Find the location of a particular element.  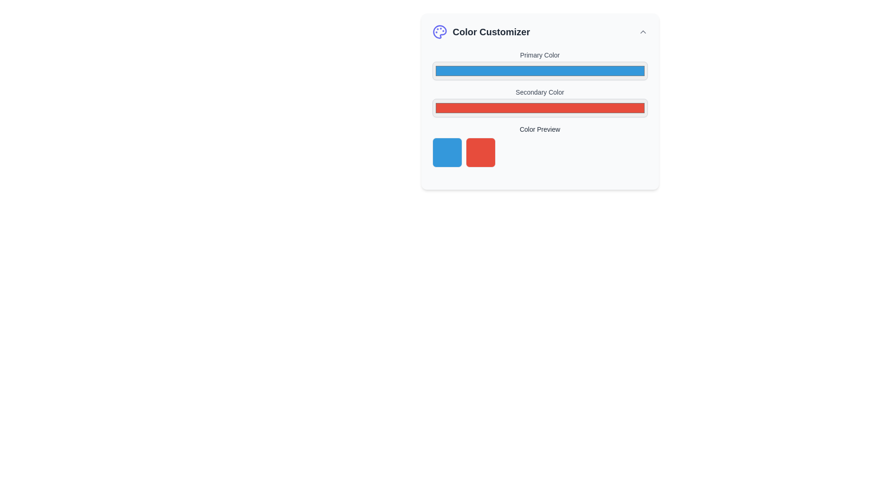

the descriptive label in the 'Color Customizer' panel that indicates the section below it visually previews selected color options is located at coordinates (540, 129).